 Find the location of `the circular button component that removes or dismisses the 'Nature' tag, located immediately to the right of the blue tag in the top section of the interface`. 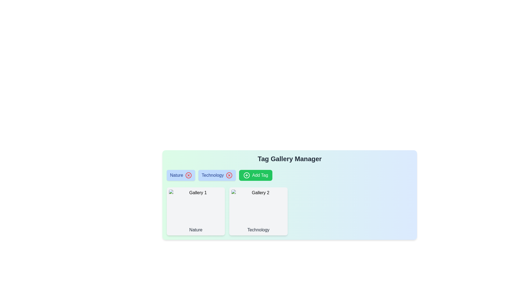

the circular button component that removes or dismisses the 'Nature' tag, located immediately to the right of the blue tag in the top section of the interface is located at coordinates (189, 175).